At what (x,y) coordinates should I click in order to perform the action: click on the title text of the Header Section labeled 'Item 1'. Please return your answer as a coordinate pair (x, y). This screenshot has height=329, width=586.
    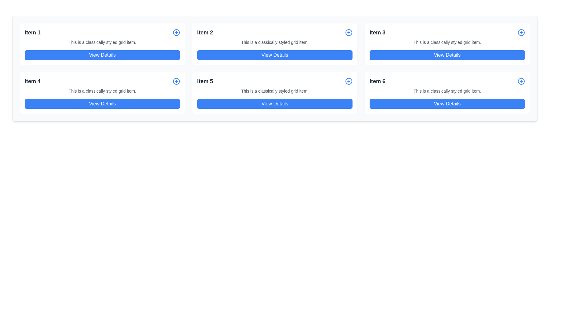
    Looking at the image, I should click on (102, 33).